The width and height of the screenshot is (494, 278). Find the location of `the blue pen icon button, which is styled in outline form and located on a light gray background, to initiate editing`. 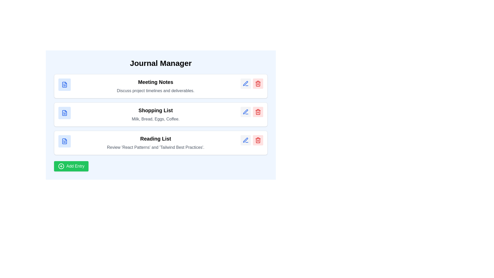

the blue pen icon button, which is styled in outline form and located on a light gray background, to initiate editing is located at coordinates (245, 140).